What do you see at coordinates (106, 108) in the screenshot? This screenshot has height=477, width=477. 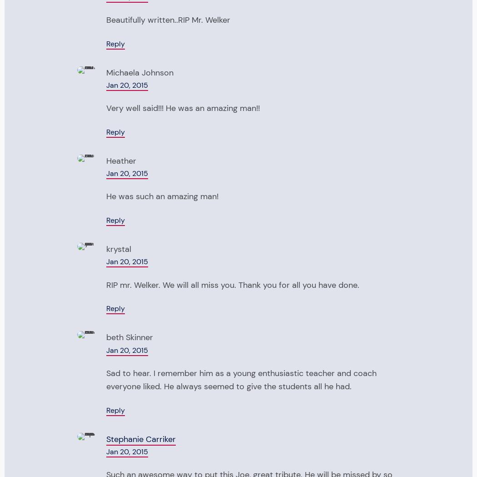 I see `'Very well said!!! He was an amazing man!!'` at bounding box center [106, 108].